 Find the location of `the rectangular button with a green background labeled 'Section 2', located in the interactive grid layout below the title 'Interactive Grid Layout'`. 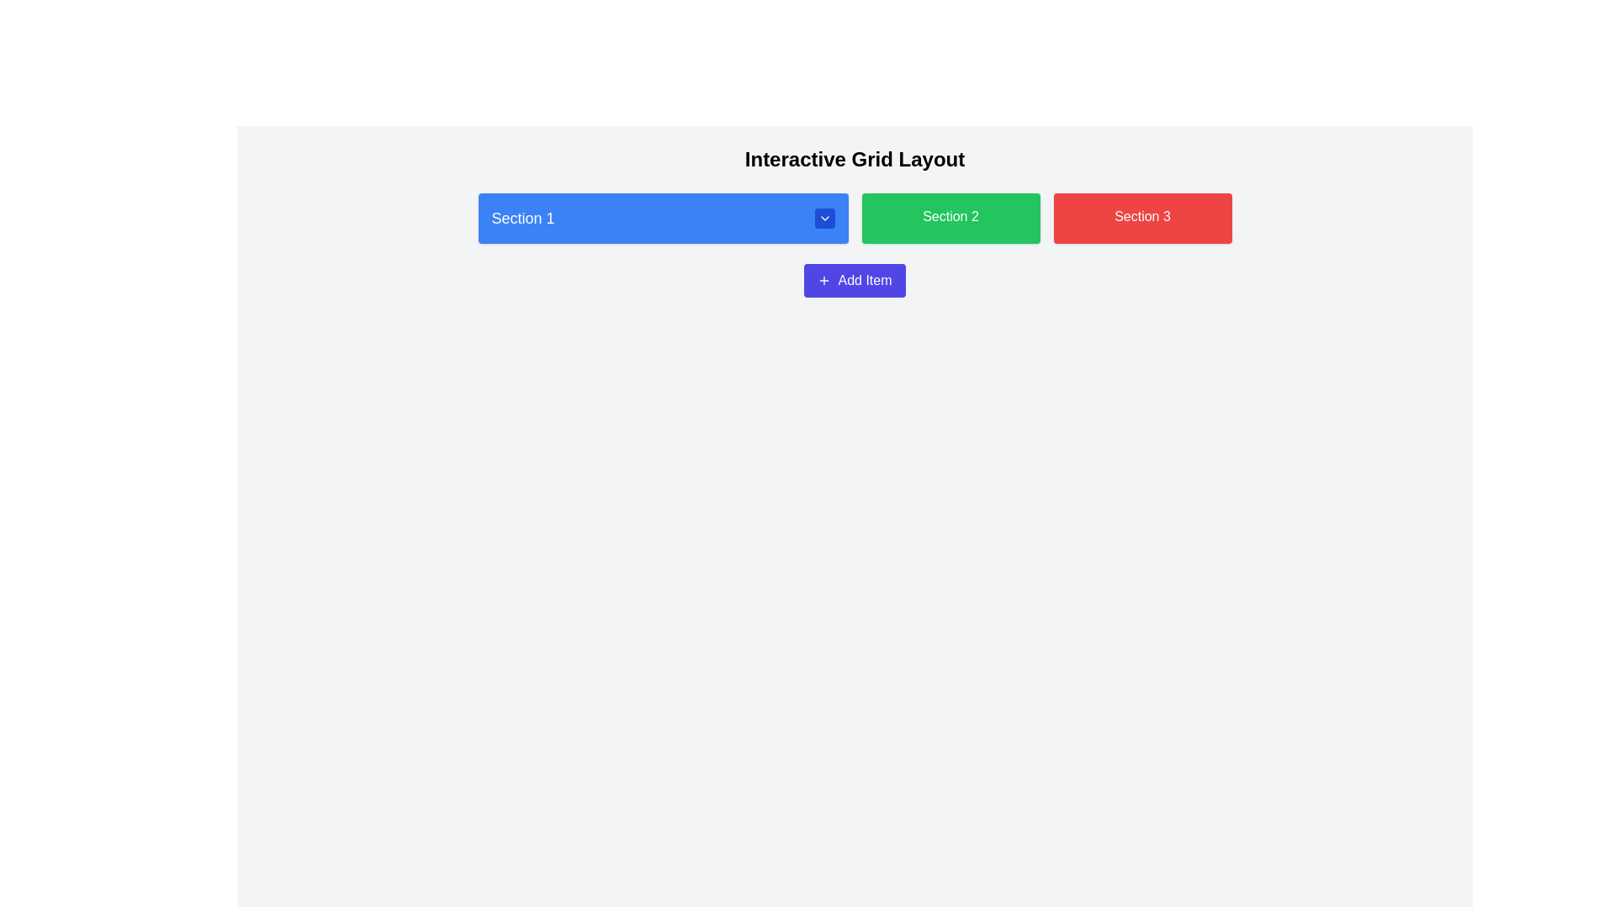

the rectangular button with a green background labeled 'Section 2', located in the interactive grid layout below the title 'Interactive Grid Layout' is located at coordinates (950, 217).